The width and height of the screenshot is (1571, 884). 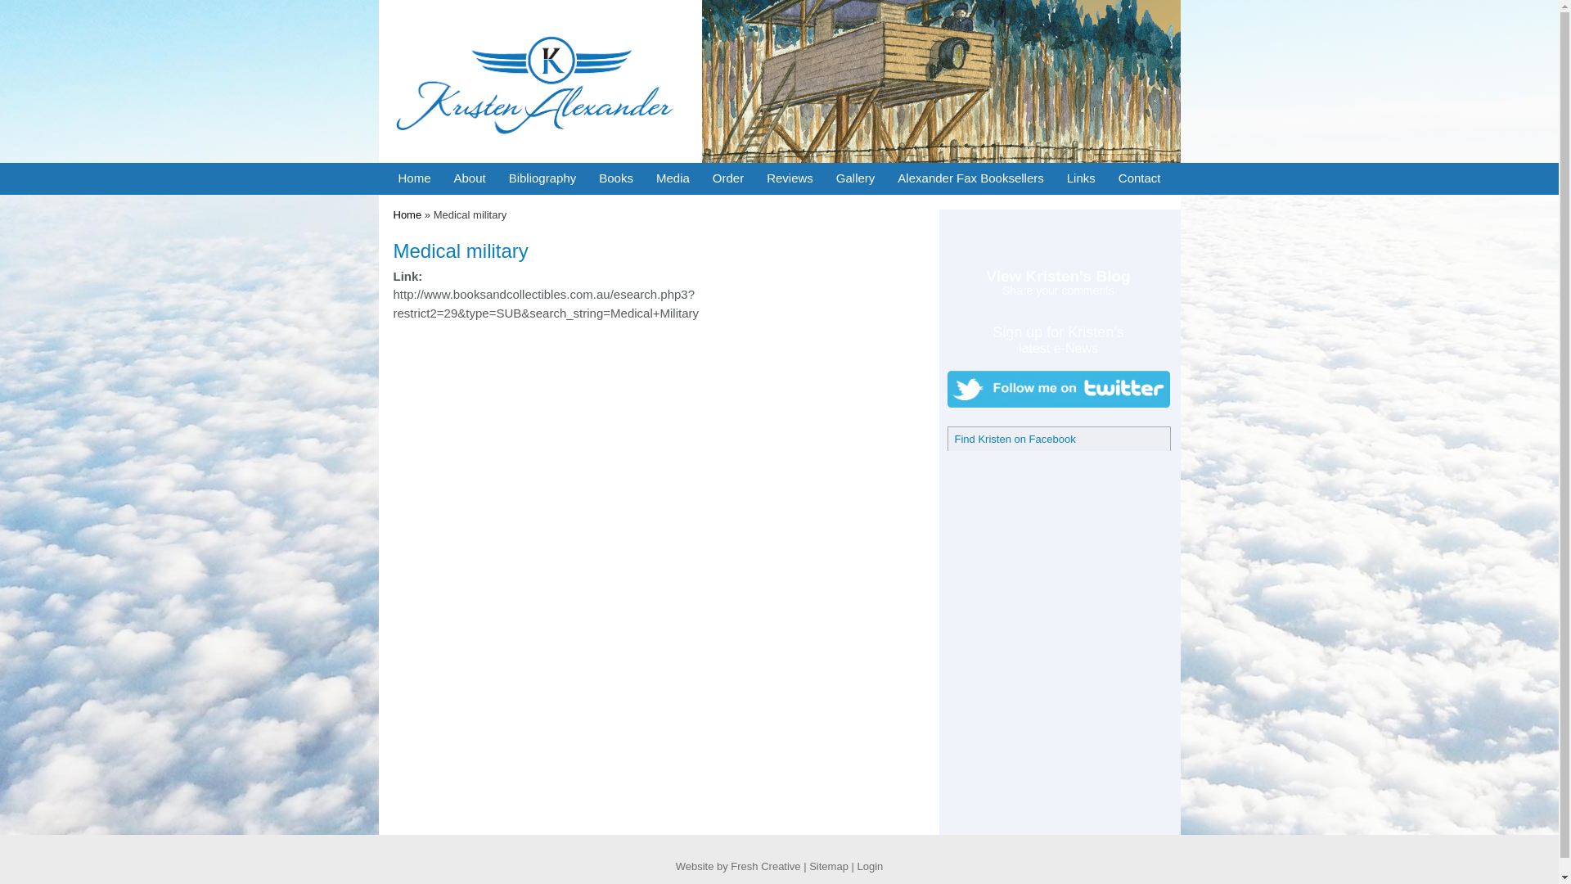 What do you see at coordinates (764, 865) in the screenshot?
I see `'Fresh Creative'` at bounding box center [764, 865].